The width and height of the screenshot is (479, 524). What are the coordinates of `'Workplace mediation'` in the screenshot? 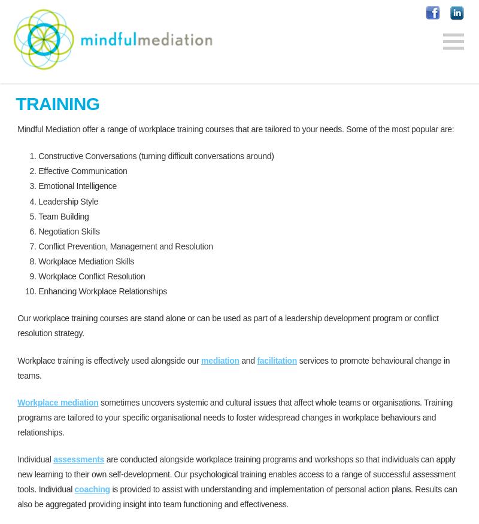 It's located at (57, 401).